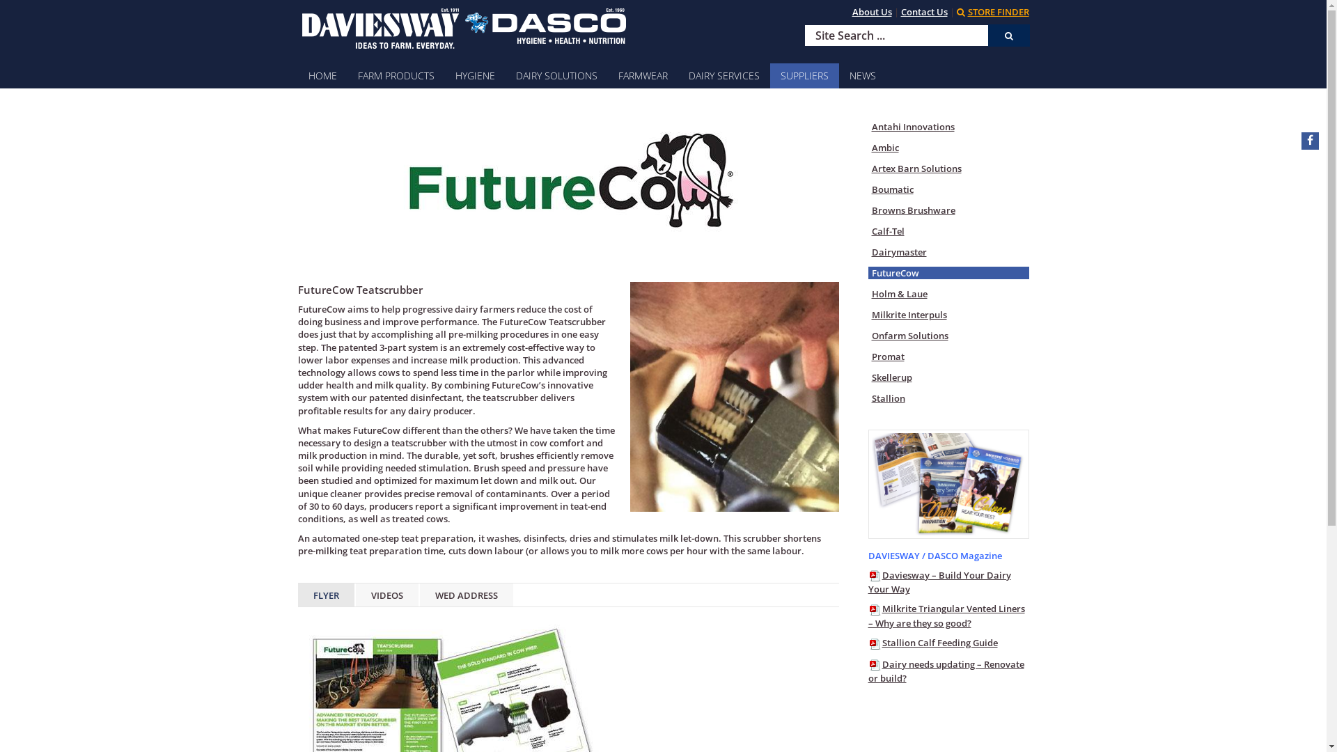  What do you see at coordinates (924, 11) in the screenshot?
I see `'Contact Us'` at bounding box center [924, 11].